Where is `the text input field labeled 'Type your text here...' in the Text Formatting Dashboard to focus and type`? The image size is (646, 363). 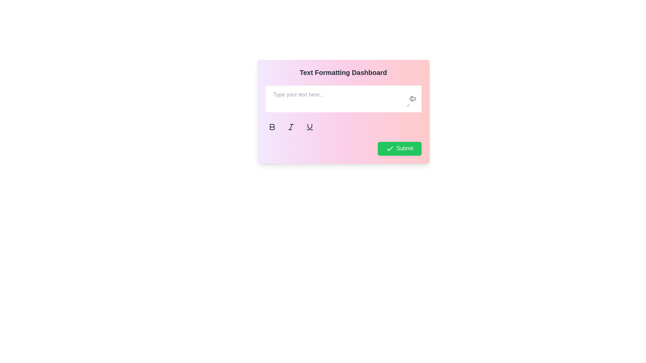
the text input field labeled 'Type your text here...' in the Text Formatting Dashboard to focus and type is located at coordinates (343, 111).